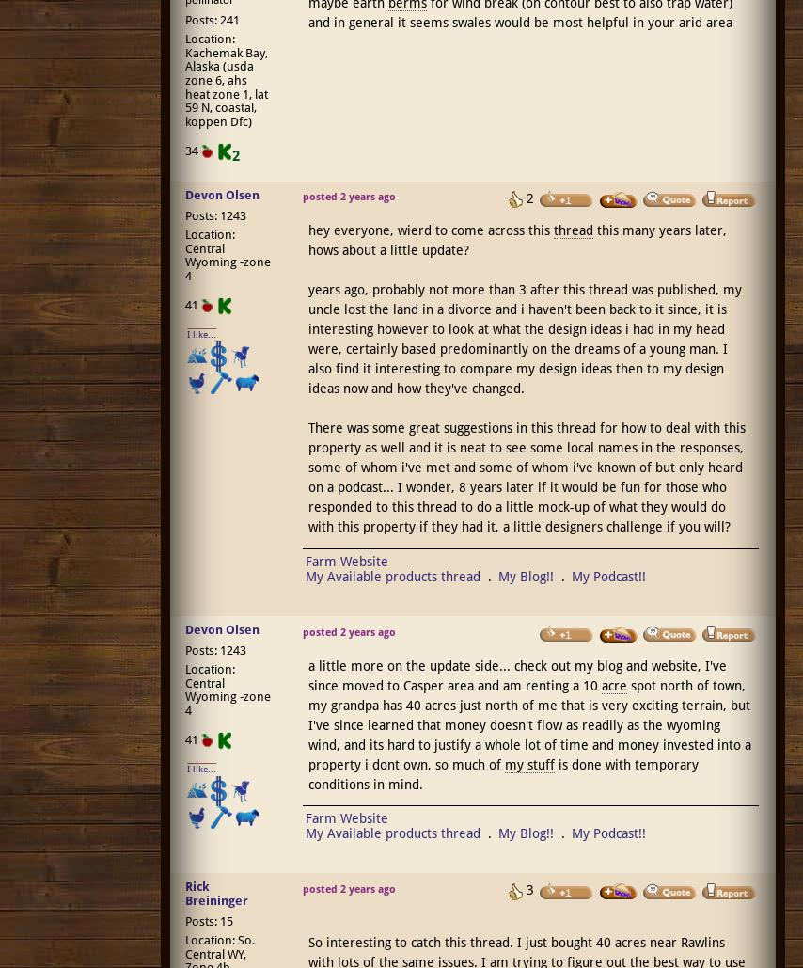 This screenshot has width=803, height=968. Describe the element at coordinates (572, 230) in the screenshot. I see `'thread'` at that location.